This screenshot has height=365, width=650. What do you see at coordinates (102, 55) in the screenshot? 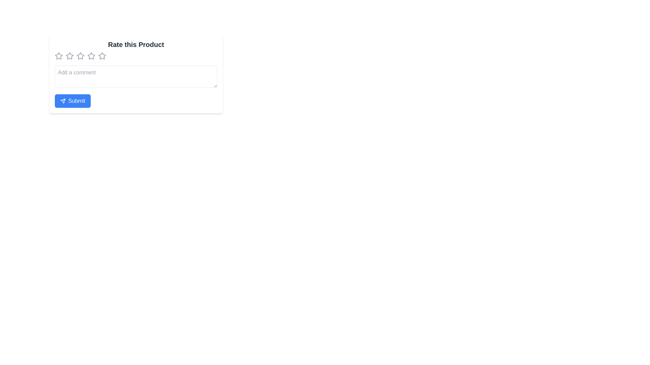
I see `the fourth star icon in the rating system, which is located below the 'Rate this Product' text` at bounding box center [102, 55].